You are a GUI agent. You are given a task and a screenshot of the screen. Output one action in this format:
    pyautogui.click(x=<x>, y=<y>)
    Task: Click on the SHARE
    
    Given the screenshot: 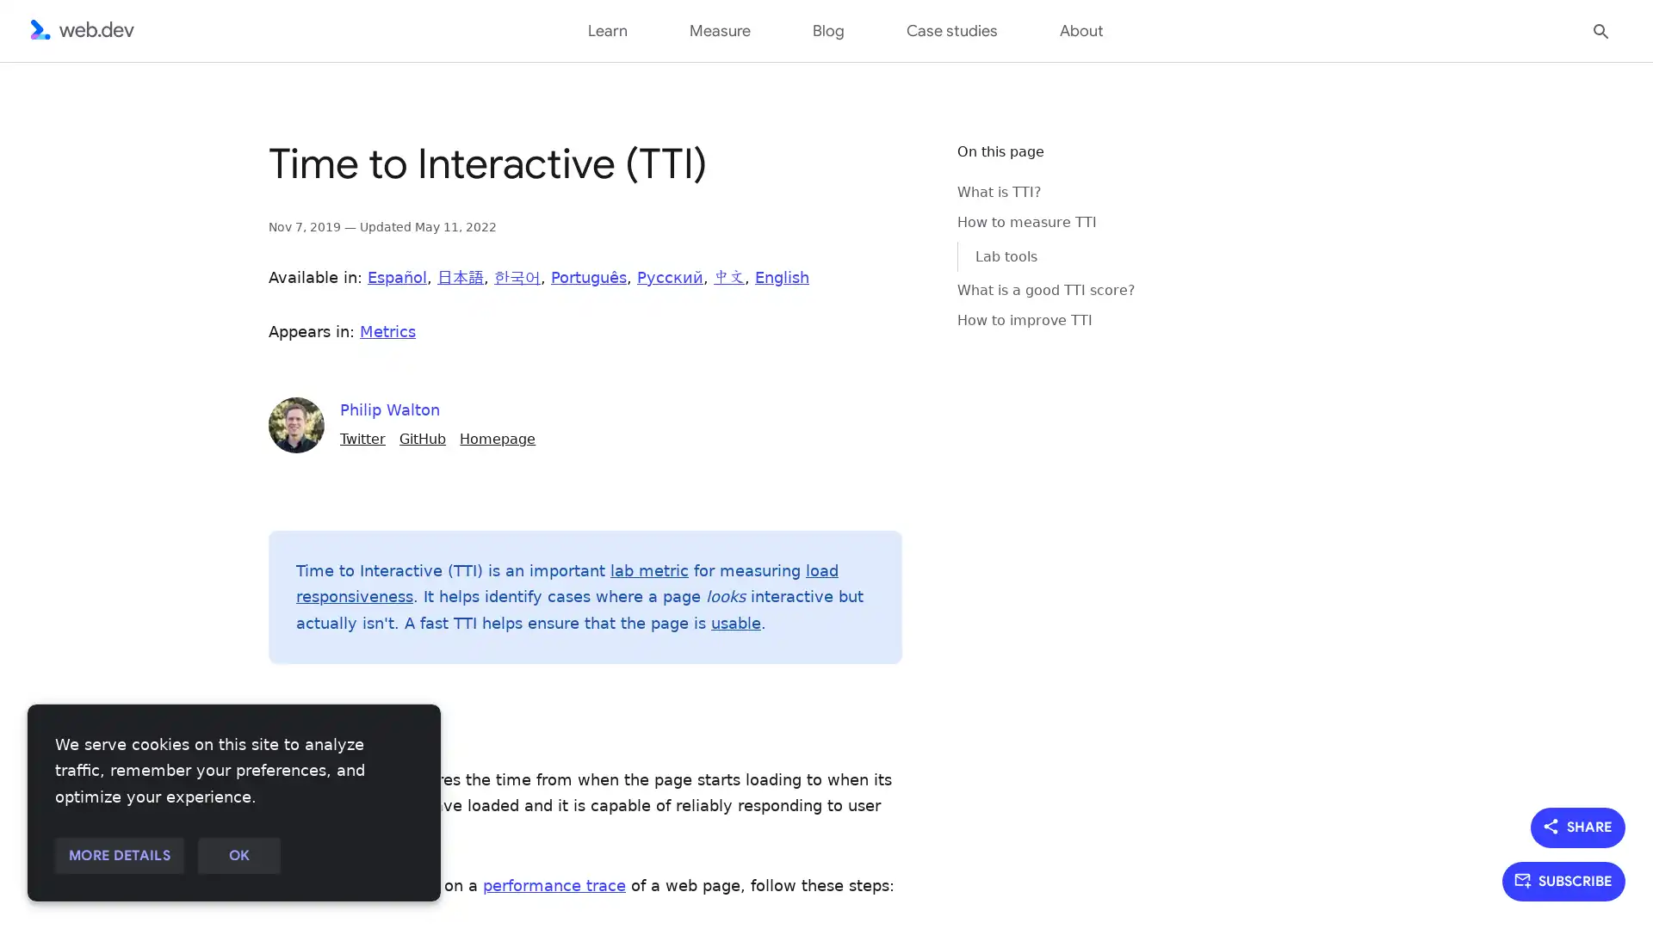 What is the action you would take?
    pyautogui.click(x=1578, y=826)
    